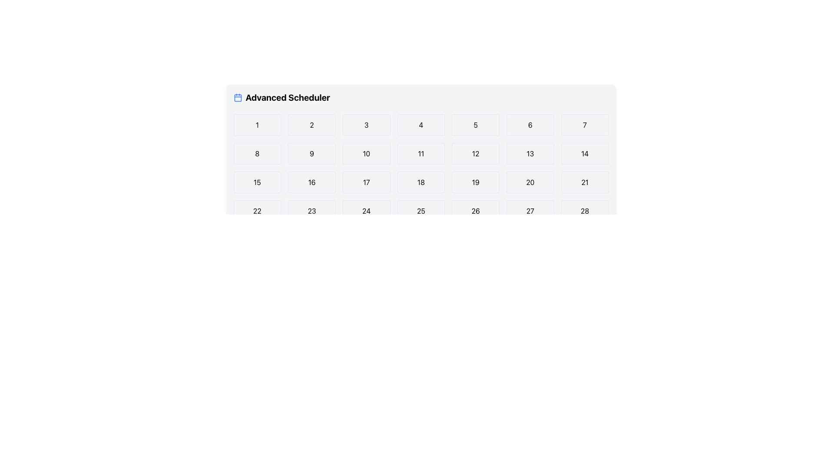  I want to click on the button representing the number '14', so click(585, 153).